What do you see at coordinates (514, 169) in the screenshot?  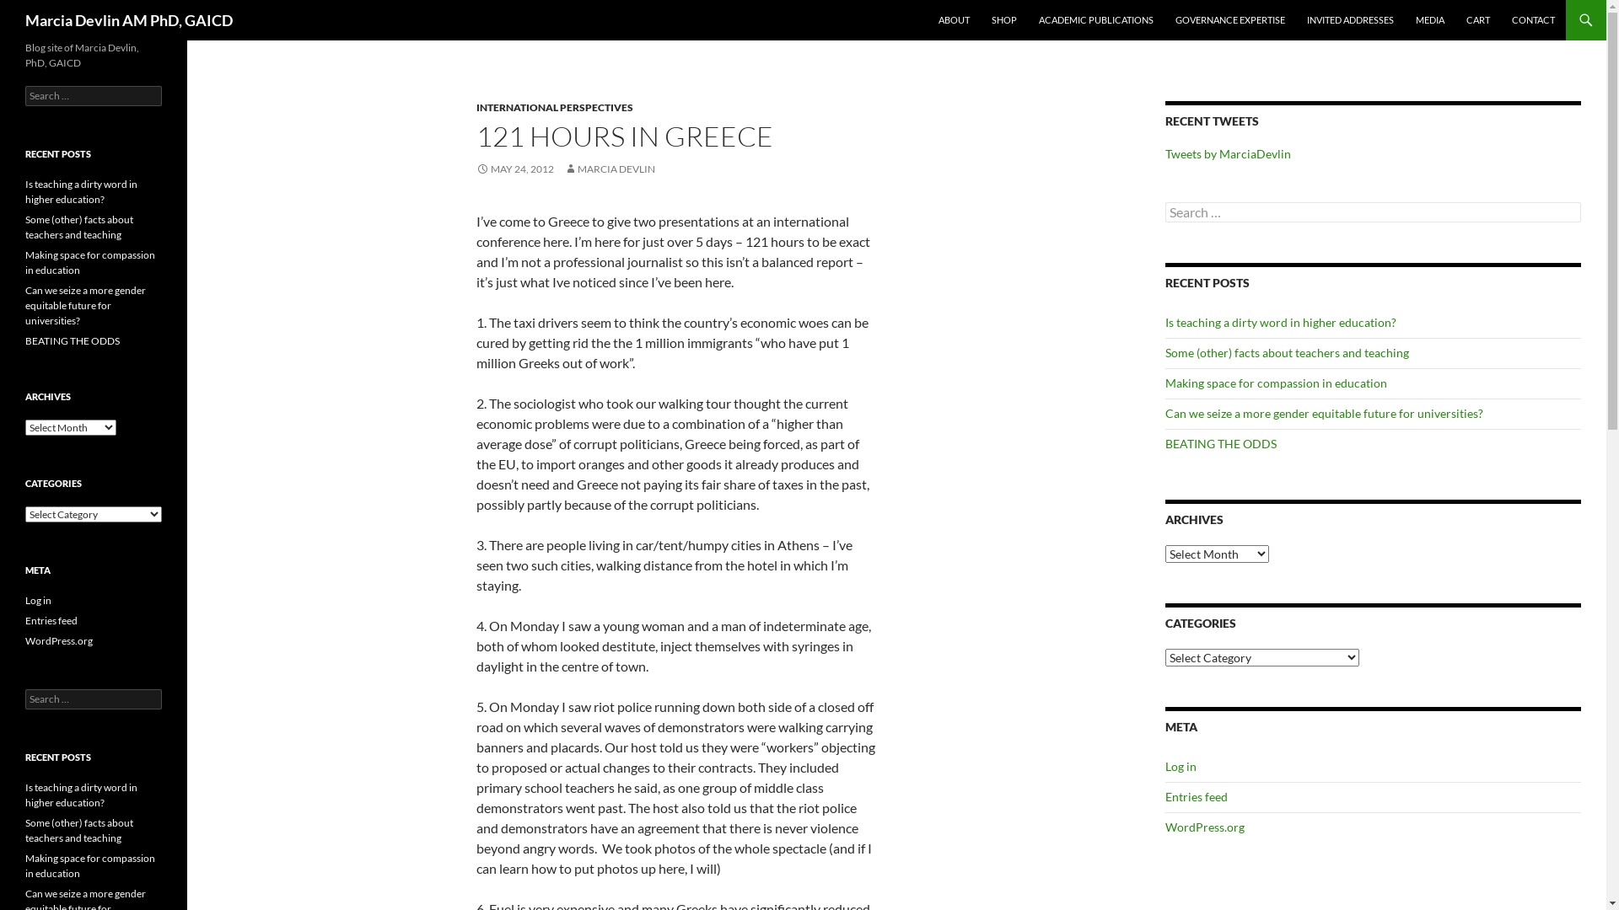 I see `'MAY 24, 2012'` at bounding box center [514, 169].